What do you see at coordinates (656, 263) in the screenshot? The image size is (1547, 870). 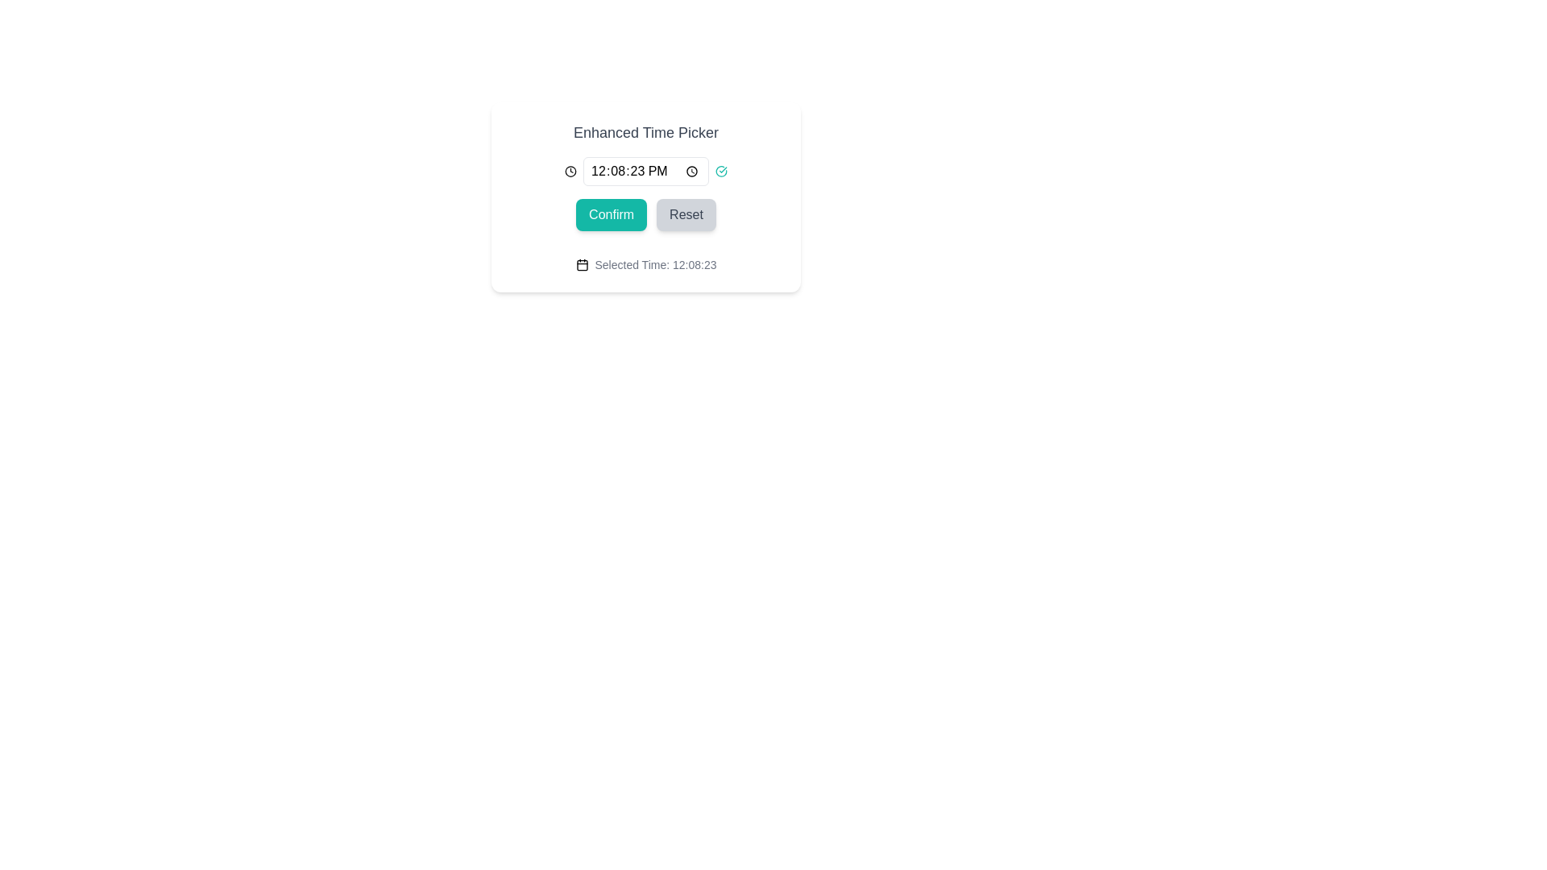 I see `displayed text from the text label that shows the currently selected time, positioned at the bottom of the main time picker interface, next to a calendar icon` at bounding box center [656, 263].